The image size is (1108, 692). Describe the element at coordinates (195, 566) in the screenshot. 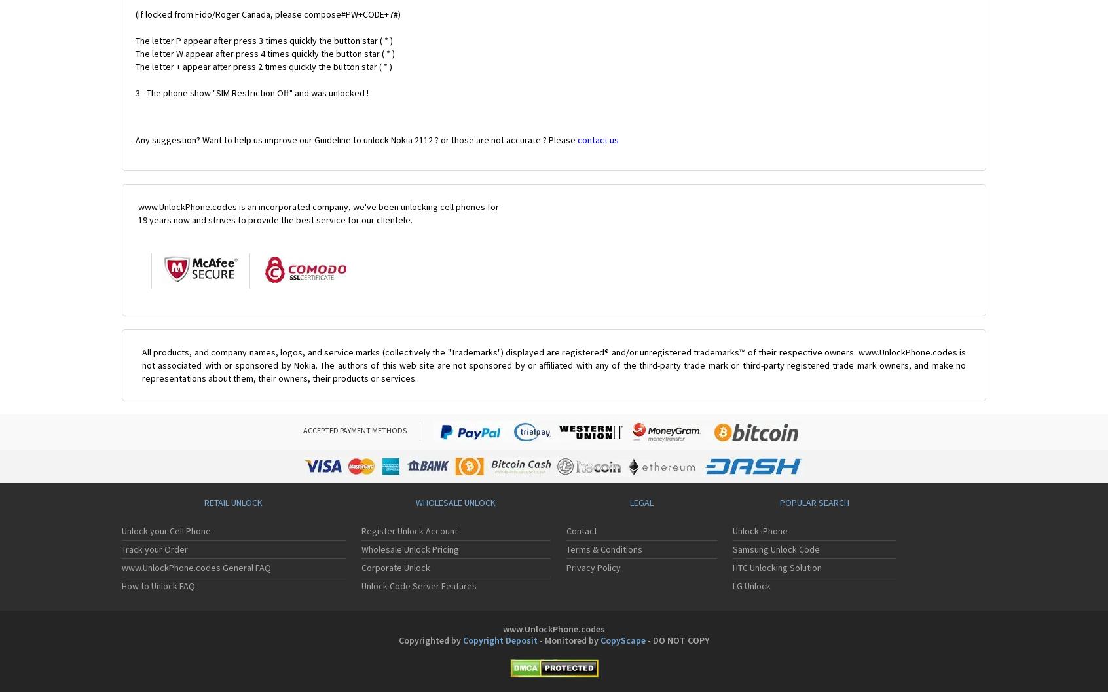

I see `'www.UnlockPhone.codes General FAQ'` at that location.